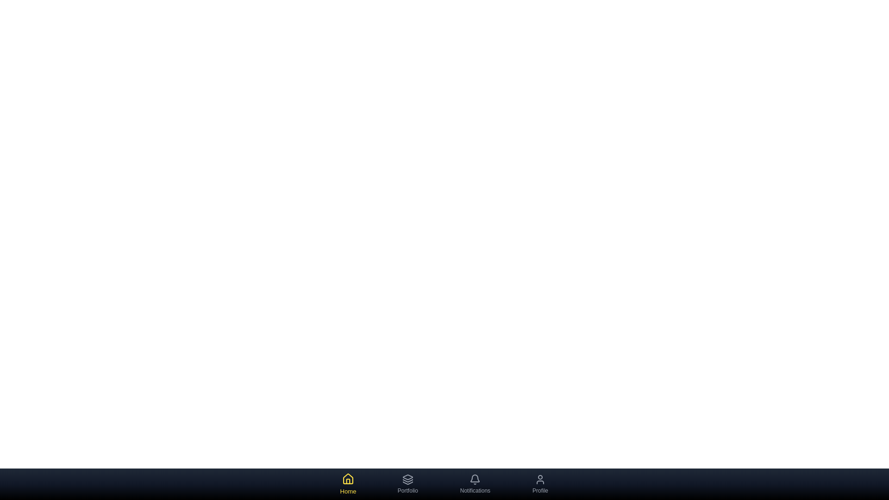 The width and height of the screenshot is (889, 500). Describe the element at coordinates (475, 483) in the screenshot. I see `the 'Notifications' tab in the bottom navigation bar` at that location.